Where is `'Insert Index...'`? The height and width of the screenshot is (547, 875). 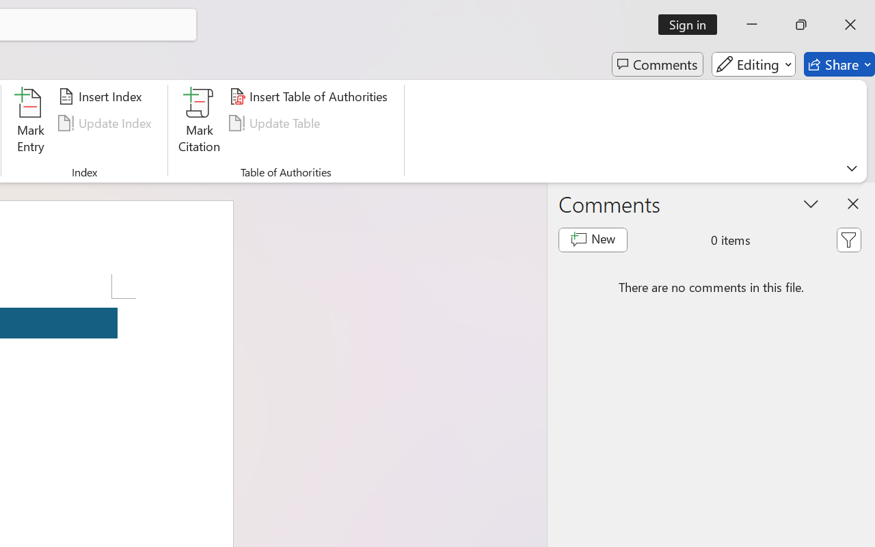
'Insert Index...' is located at coordinates (101, 96).